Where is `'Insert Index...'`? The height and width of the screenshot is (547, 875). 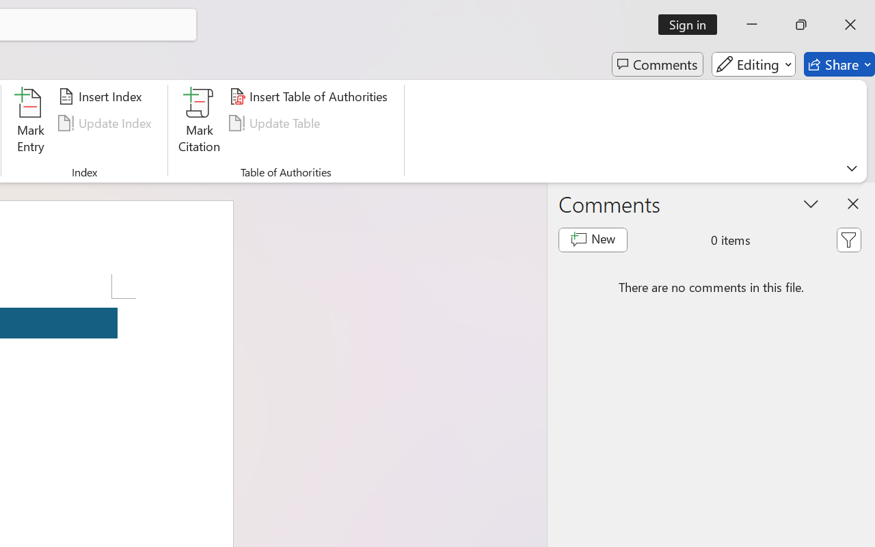
'Insert Index...' is located at coordinates (101, 96).